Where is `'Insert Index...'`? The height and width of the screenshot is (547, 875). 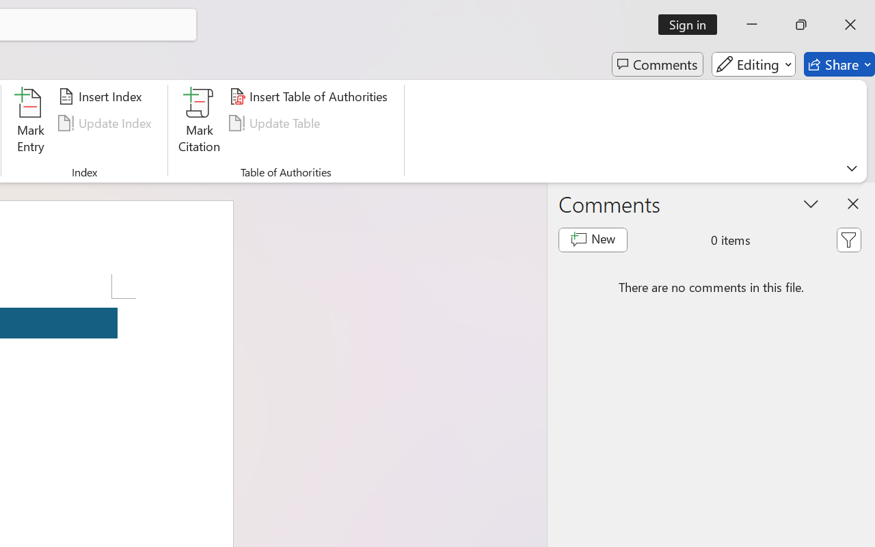
'Insert Index...' is located at coordinates (101, 96).